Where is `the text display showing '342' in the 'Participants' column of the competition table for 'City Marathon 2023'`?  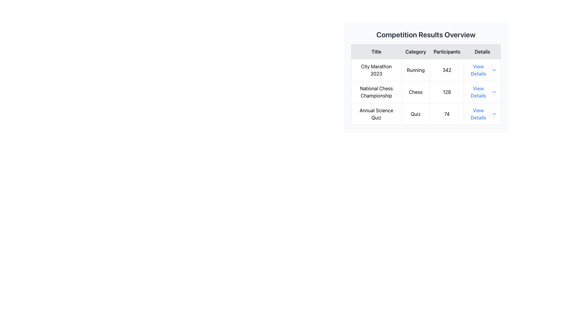
the text display showing '342' in the 'Participants' column of the competition table for 'City Marathon 2023' is located at coordinates (447, 70).